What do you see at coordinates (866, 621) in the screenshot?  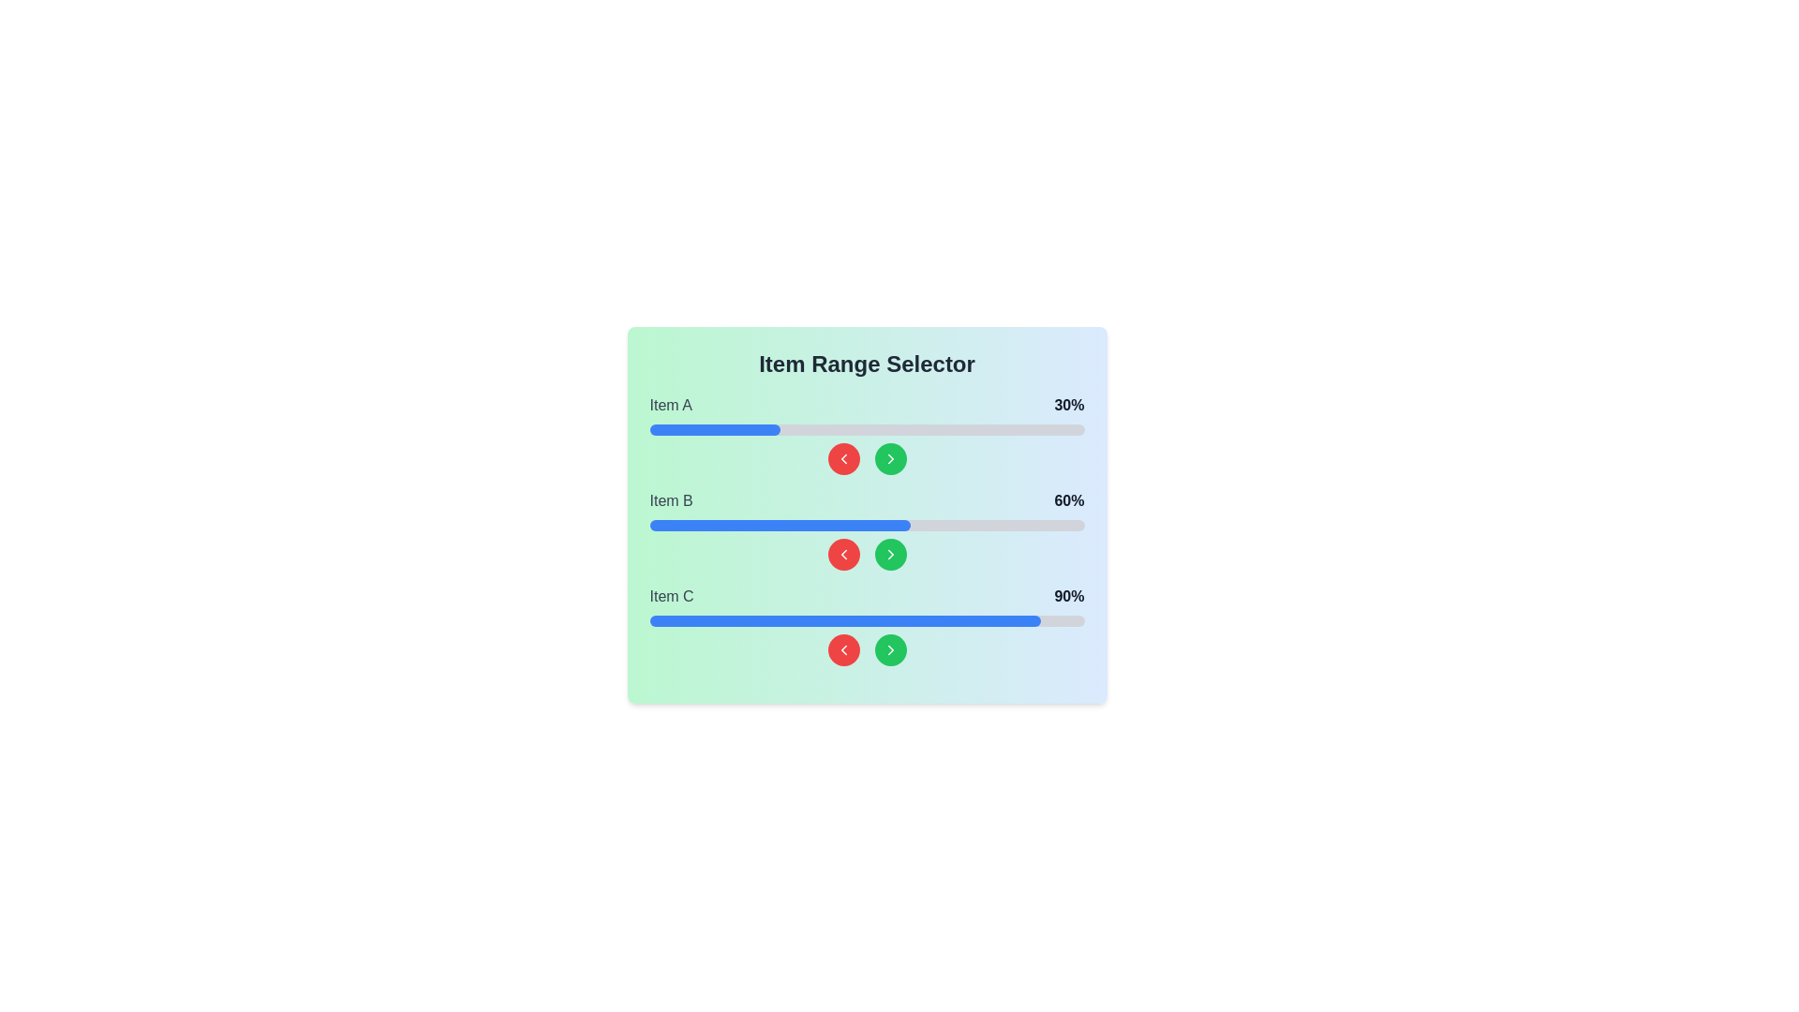 I see `the third progress bar in the 'Item Range Selector' list that visually represents 90% for 'Item C'` at bounding box center [866, 621].